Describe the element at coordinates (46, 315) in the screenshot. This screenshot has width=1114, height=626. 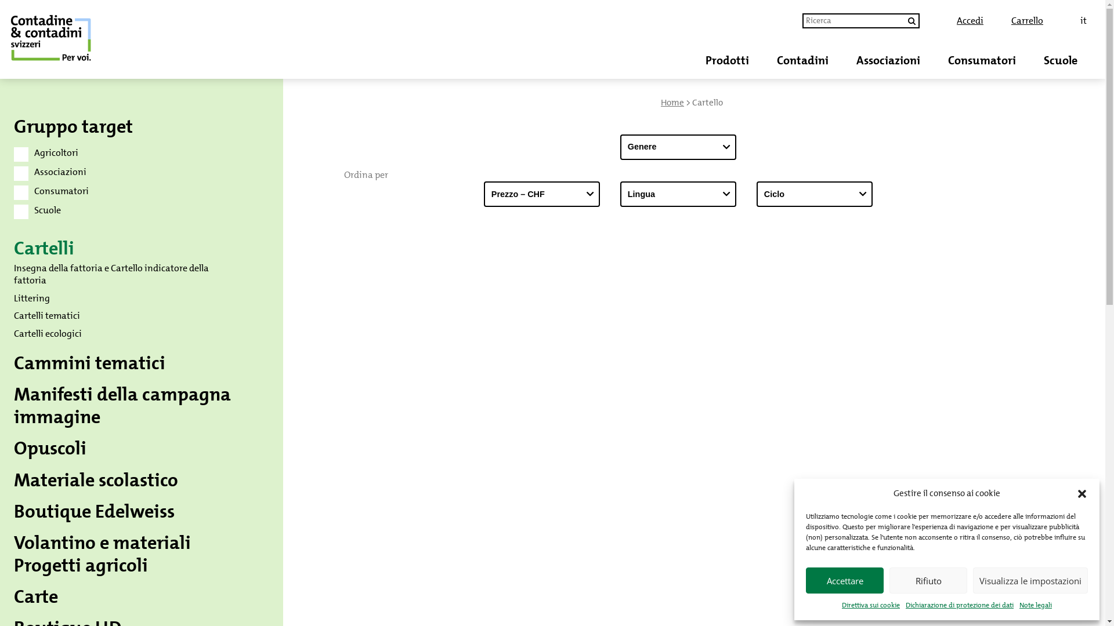
I see `'Cartelli tematici'` at that location.